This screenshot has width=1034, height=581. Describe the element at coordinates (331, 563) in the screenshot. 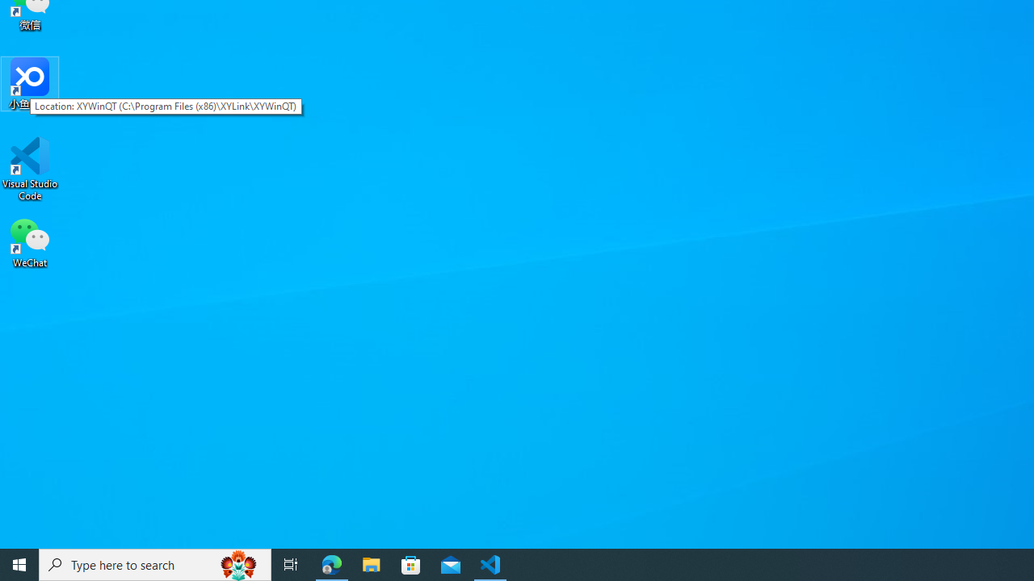

I see `'Microsoft Edge - 1 running window'` at that location.